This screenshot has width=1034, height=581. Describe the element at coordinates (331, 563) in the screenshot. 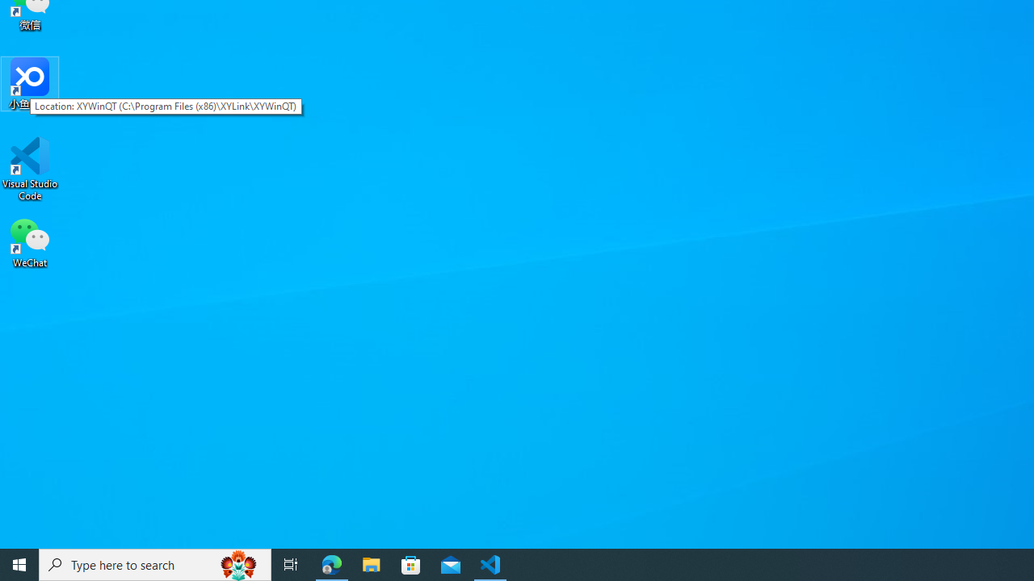

I see `'Microsoft Edge - 1 running window'` at that location.